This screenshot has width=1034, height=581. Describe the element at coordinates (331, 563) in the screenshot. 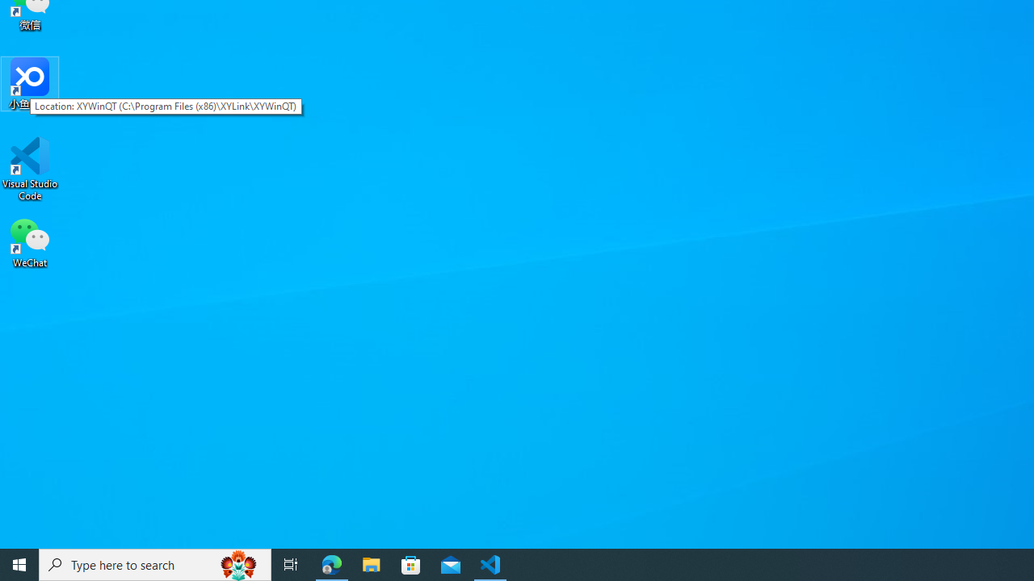

I see `'Microsoft Edge - 1 running window'` at that location.